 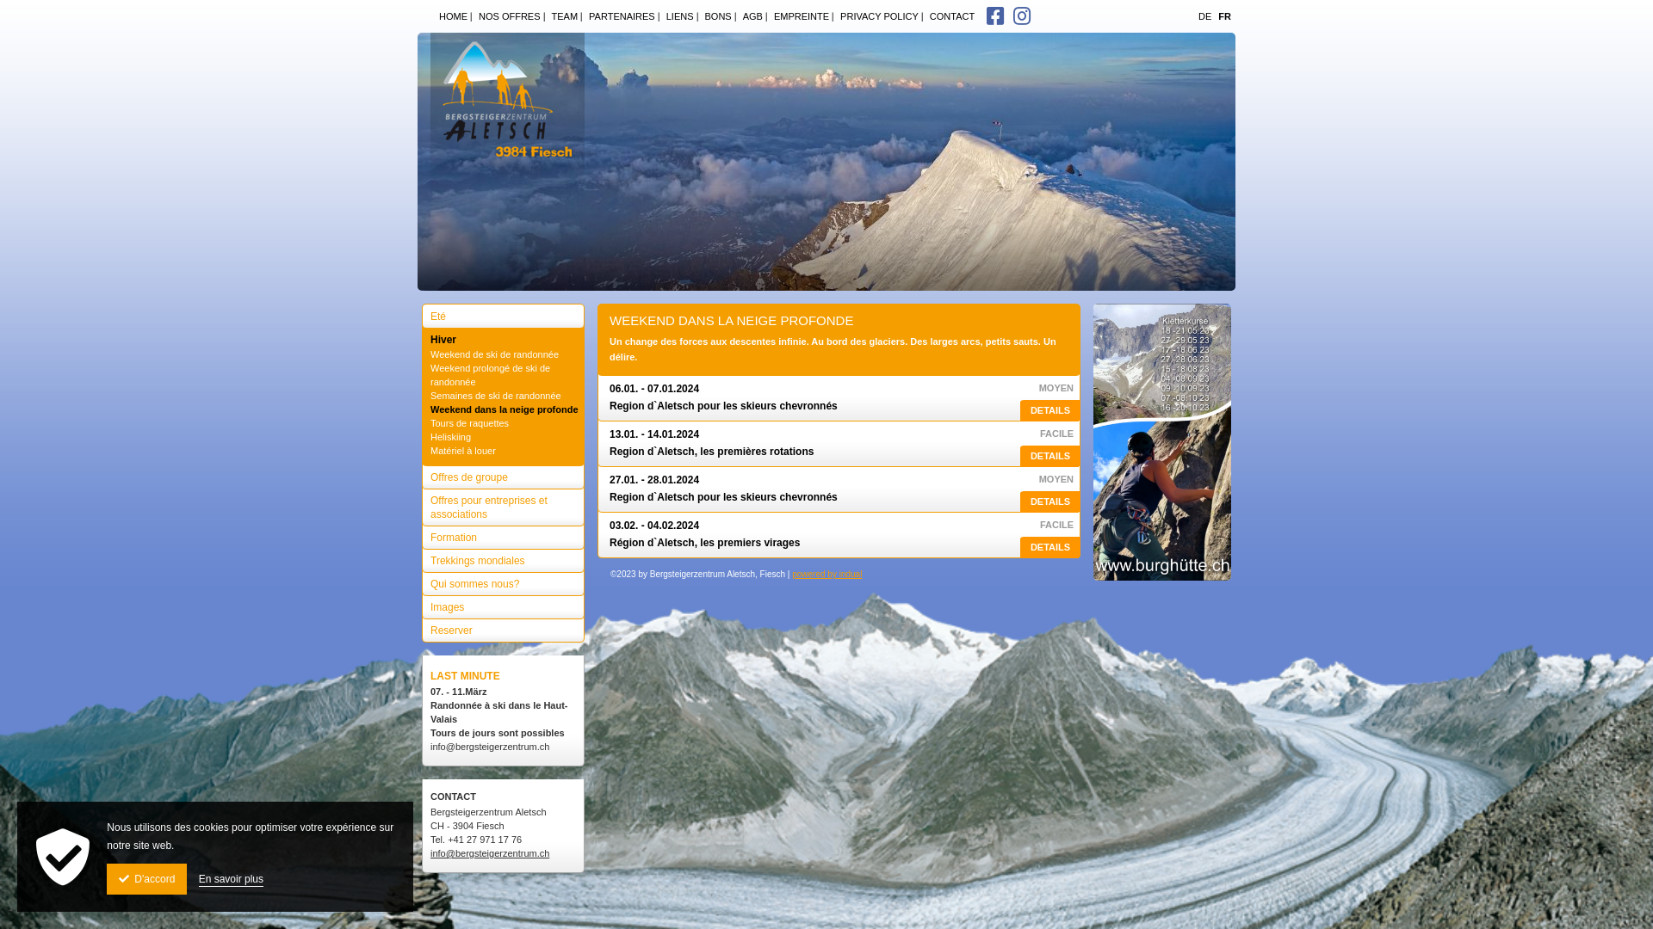 I want to click on 'PRIVACY POLICY', so click(x=876, y=16).